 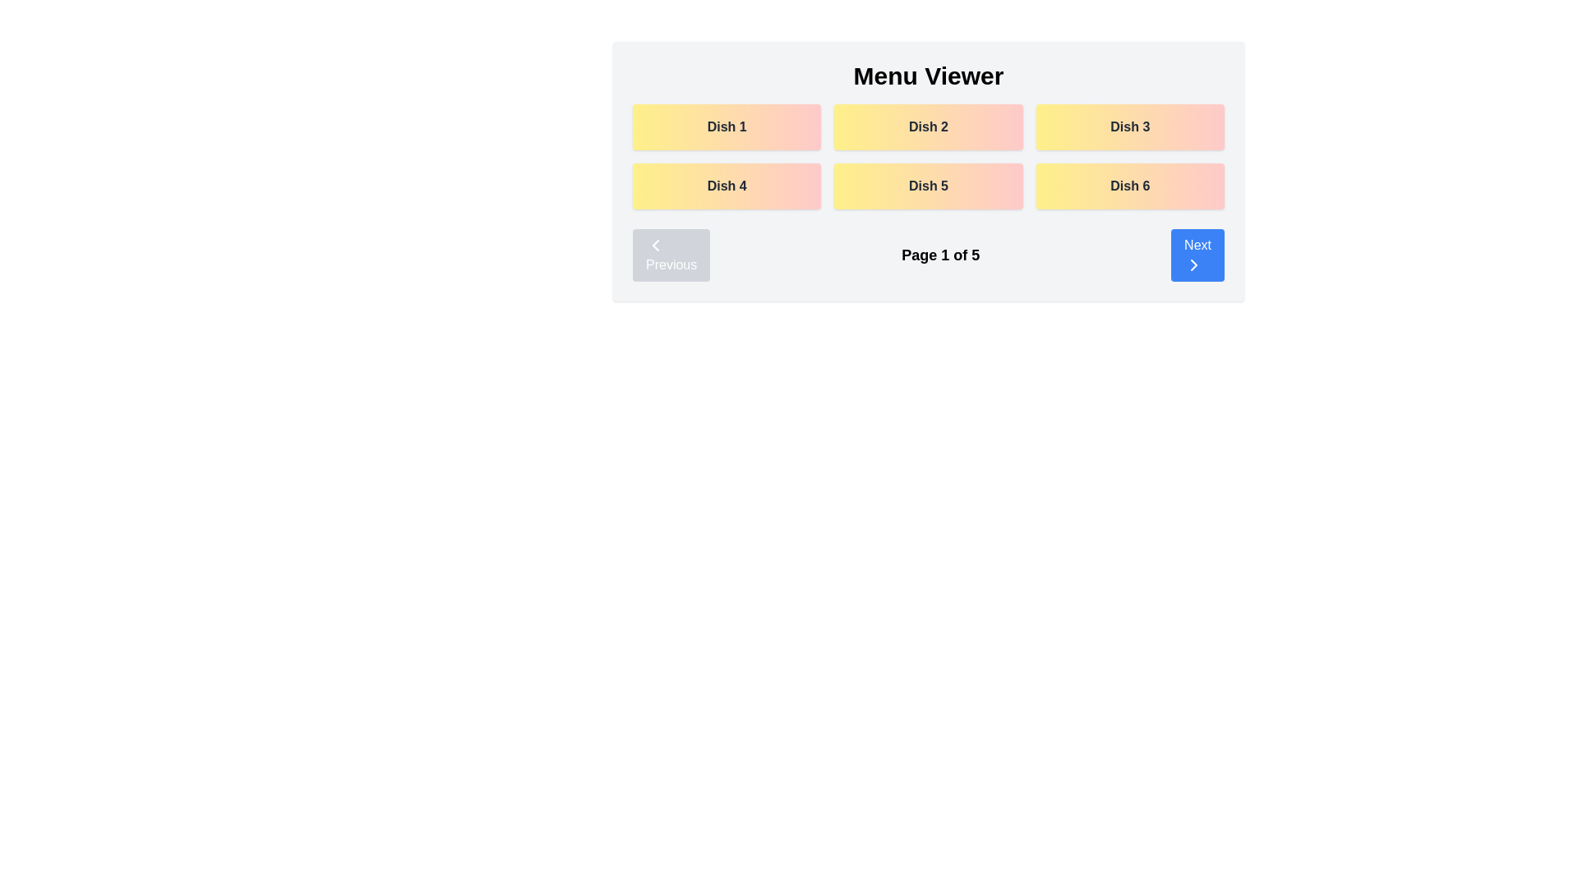 What do you see at coordinates (1129, 126) in the screenshot?
I see `the 'Dish 3' text label, which is a rectangular button-like component with a gradient background from yellow to red, containing bold dark gray text, and is the third item in a 3x2 grid under the 'Menu Viewer' title` at bounding box center [1129, 126].